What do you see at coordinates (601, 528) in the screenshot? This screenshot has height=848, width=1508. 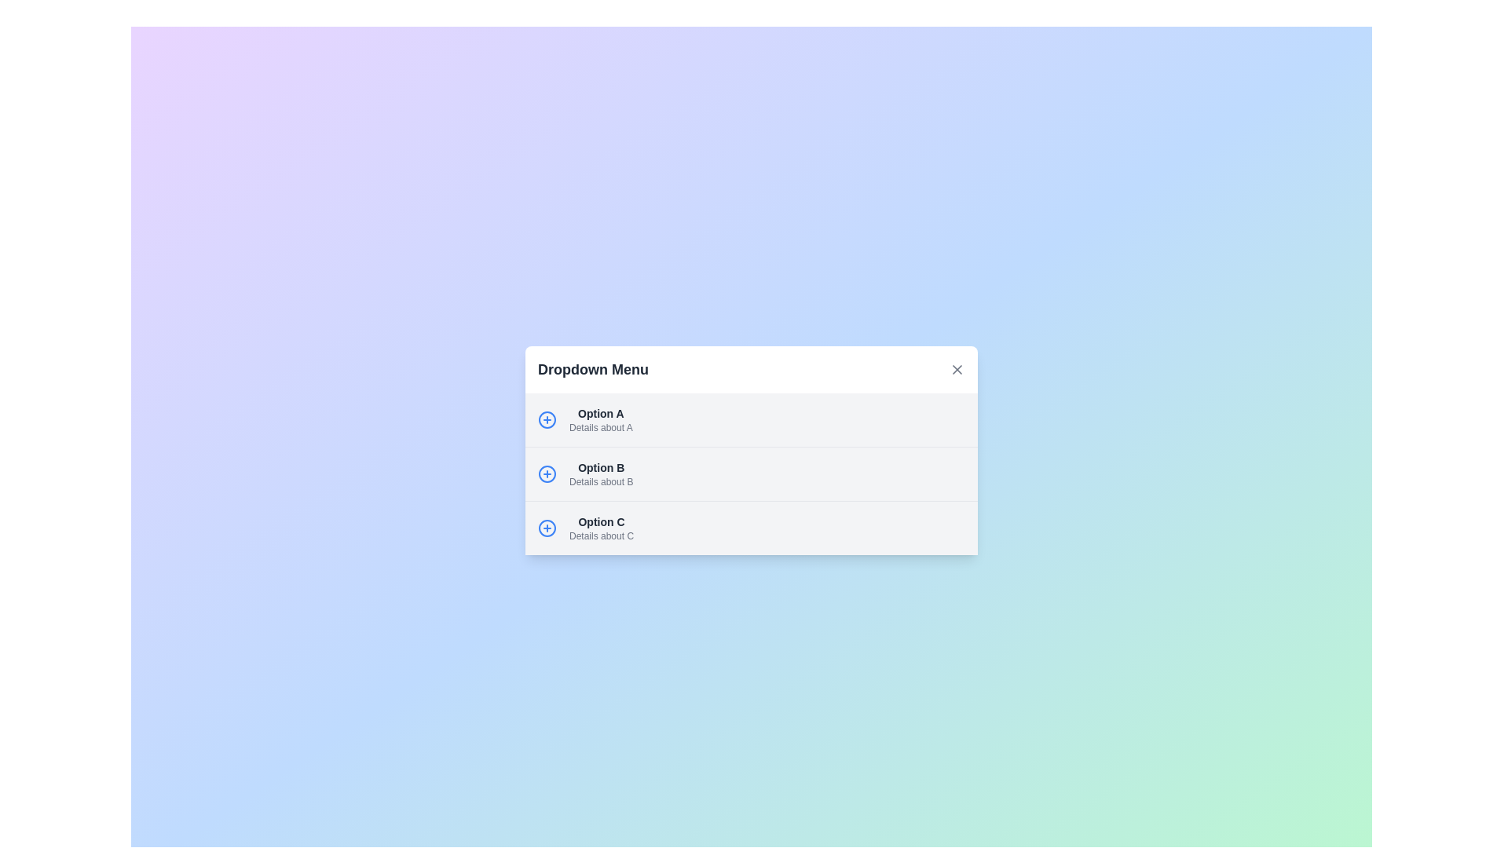 I see `the list item titled 'Option C' with subtitle 'Details about C'` at bounding box center [601, 528].